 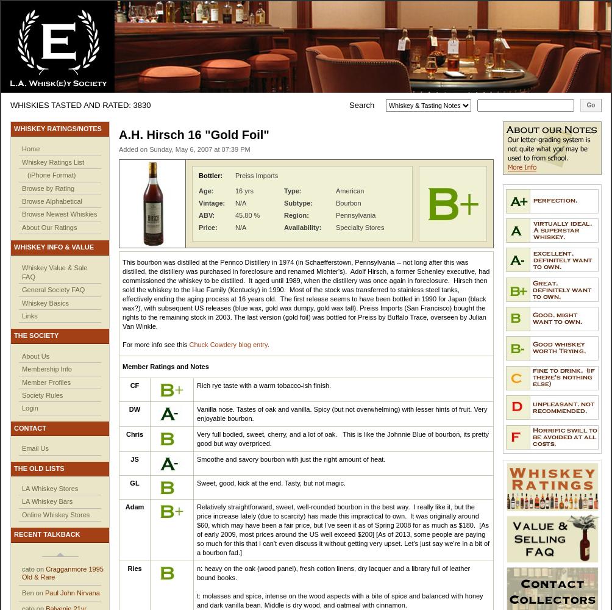 I want to click on 'Contact', so click(x=29, y=427).